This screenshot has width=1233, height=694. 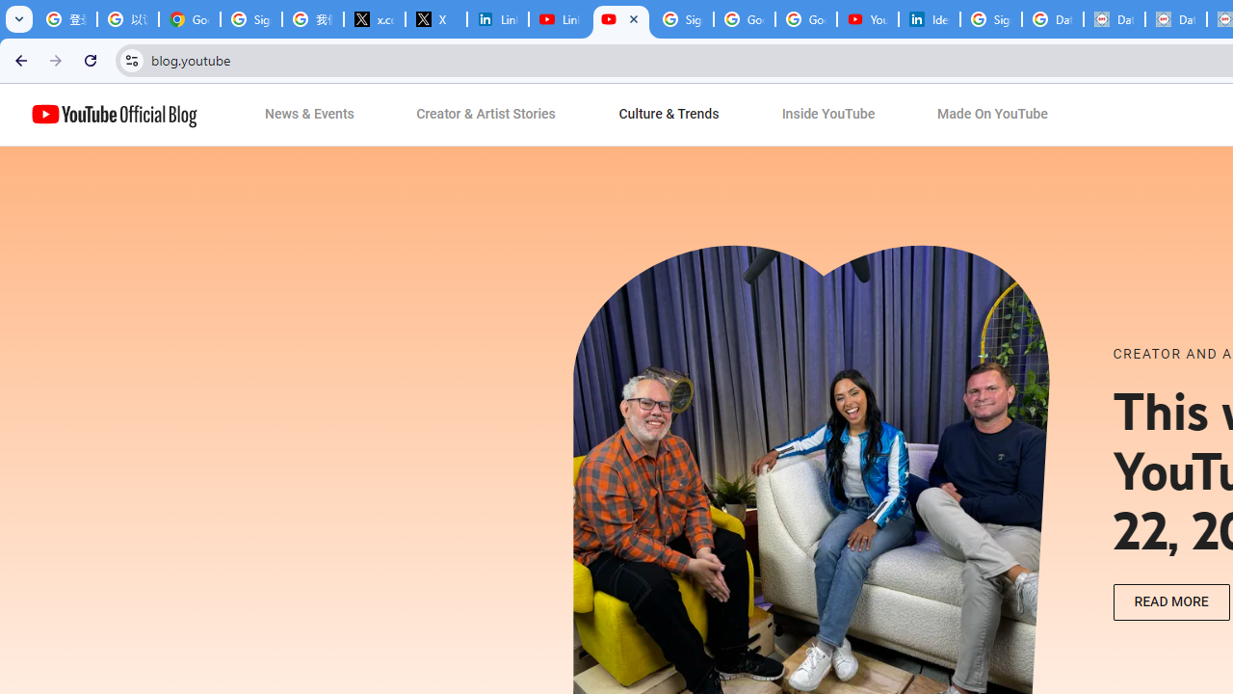 I want to click on 'News & Events', so click(x=309, y=115).